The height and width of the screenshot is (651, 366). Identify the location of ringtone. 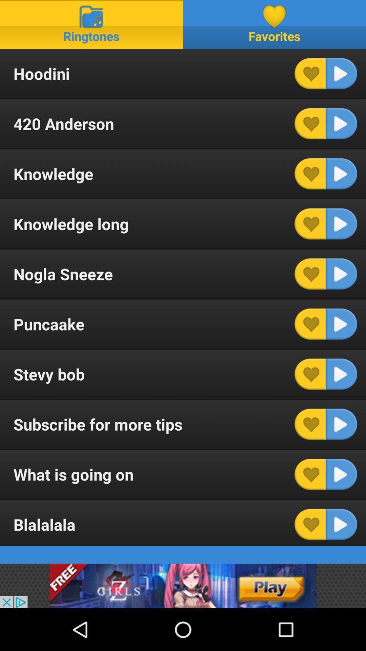
(341, 274).